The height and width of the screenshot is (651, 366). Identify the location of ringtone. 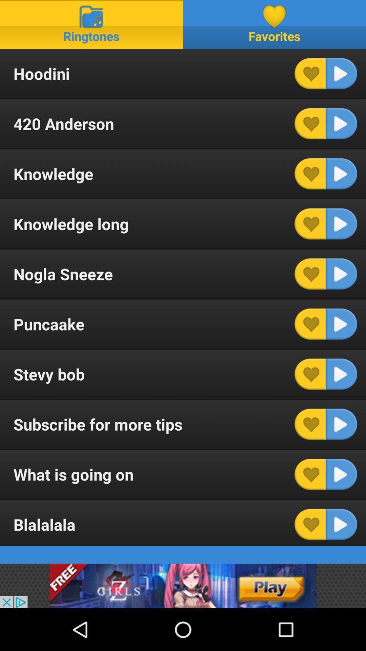
(341, 274).